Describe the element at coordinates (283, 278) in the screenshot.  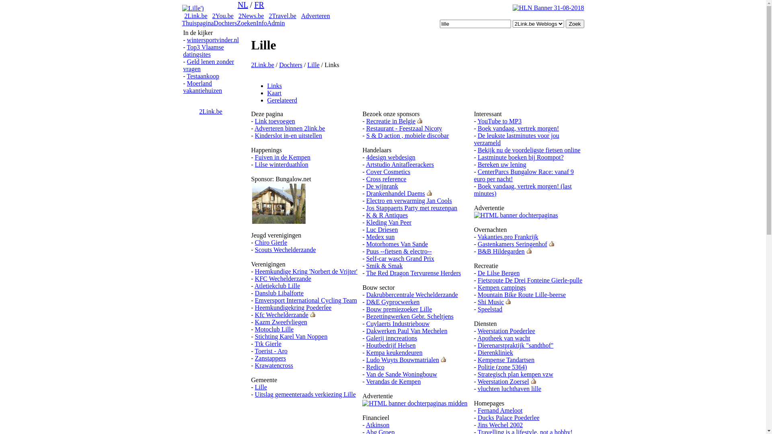
I see `'KFC Wechelderzande'` at that location.